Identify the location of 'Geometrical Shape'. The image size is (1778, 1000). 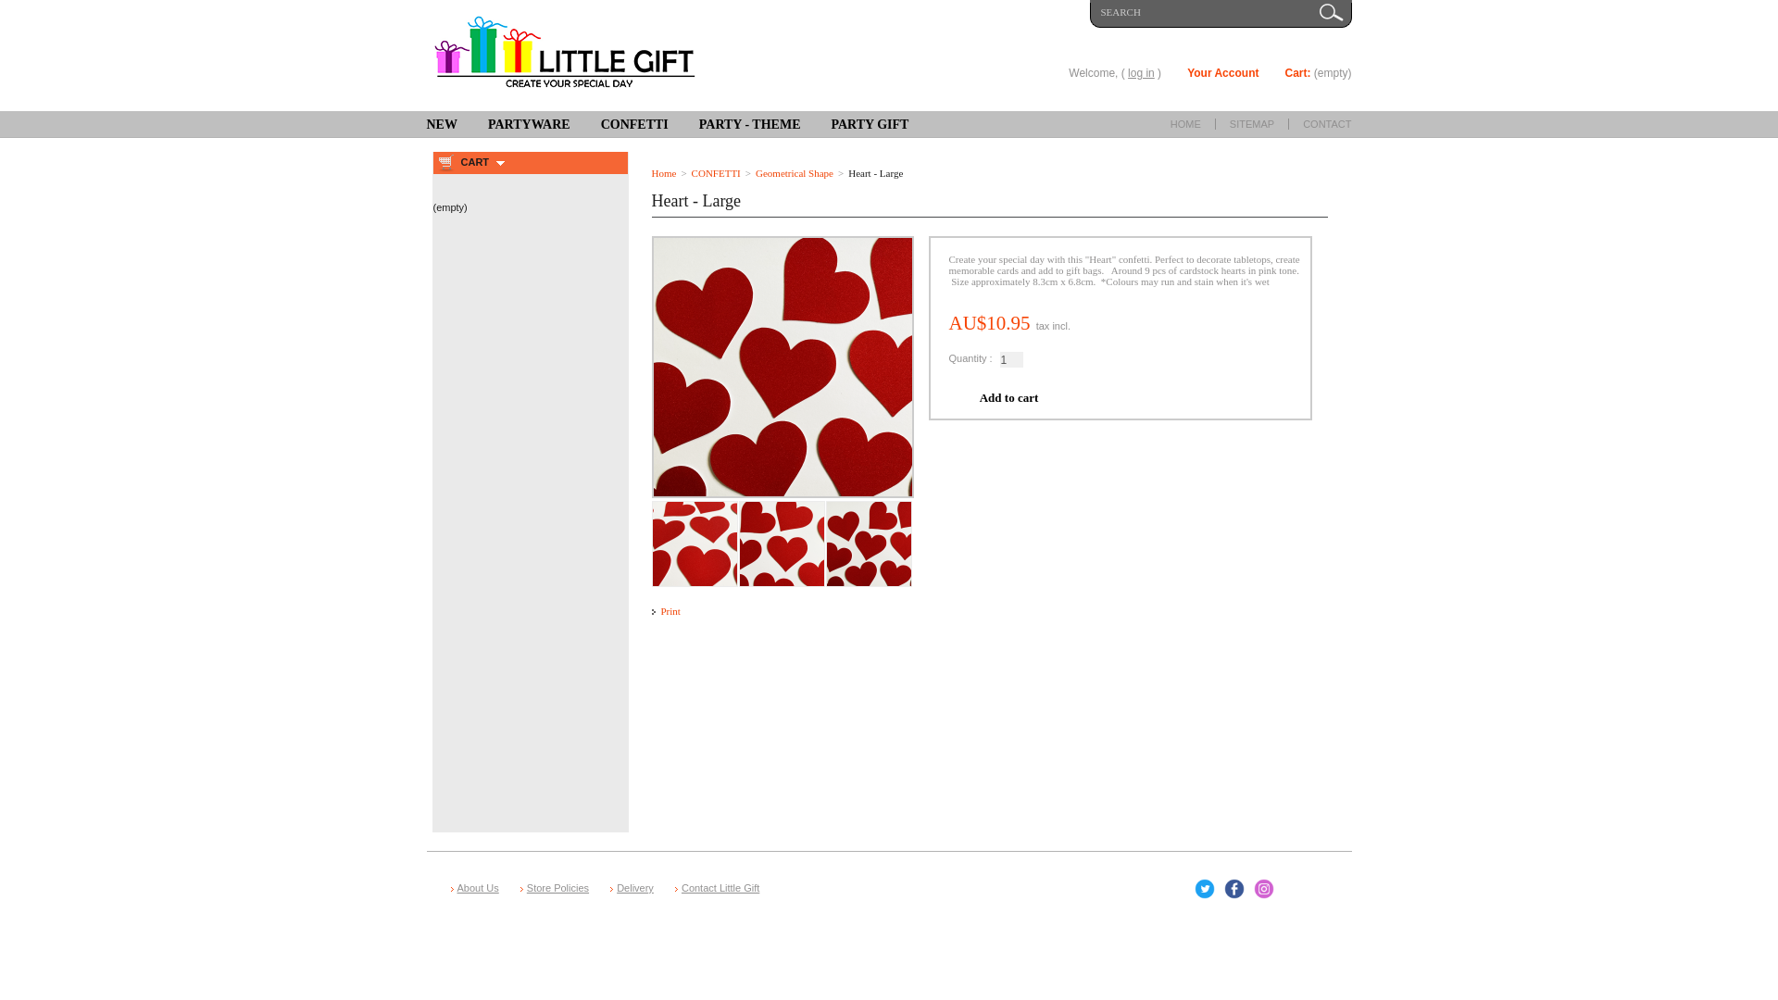
(795, 172).